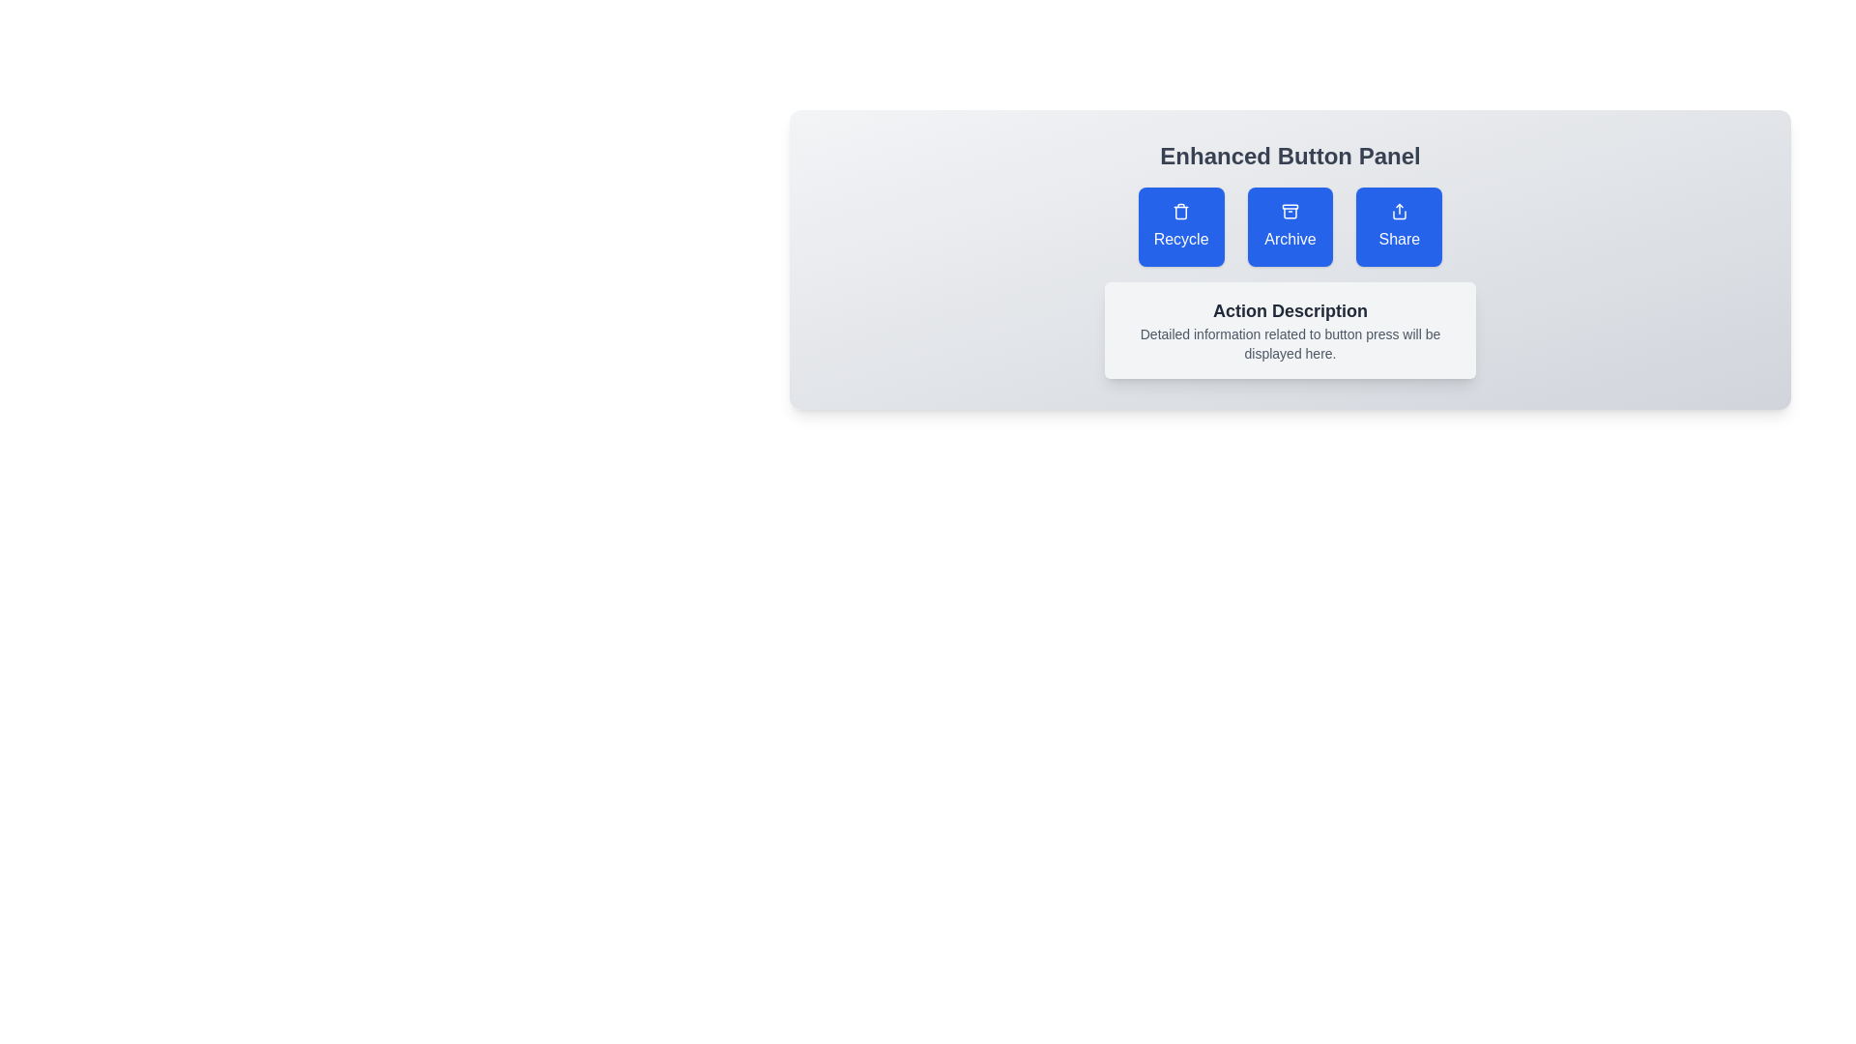 The height and width of the screenshot is (1044, 1856). What do you see at coordinates (1290, 309) in the screenshot?
I see `the title text element that serves as a heading above the descriptive text within the card, which is located below the blue buttons labeled 'Recycle', 'Archive', and 'Share'` at bounding box center [1290, 309].